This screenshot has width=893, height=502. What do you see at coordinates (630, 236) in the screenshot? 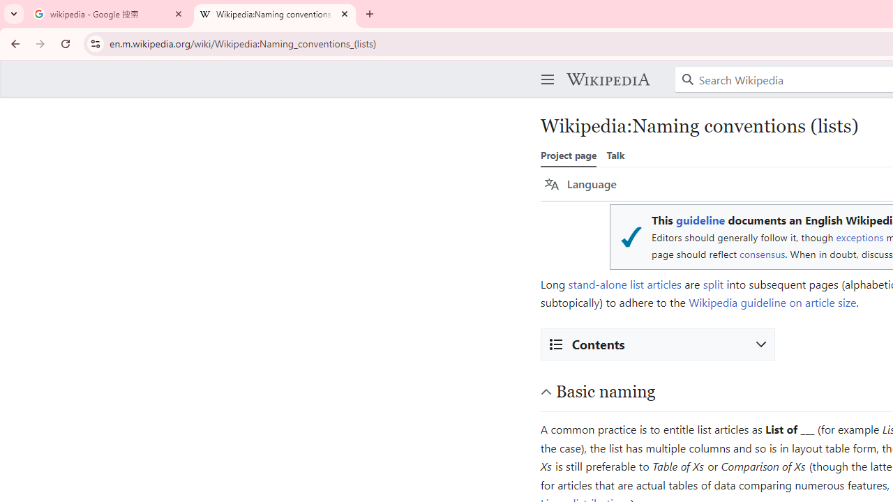
I see `'Blue tick'` at bounding box center [630, 236].